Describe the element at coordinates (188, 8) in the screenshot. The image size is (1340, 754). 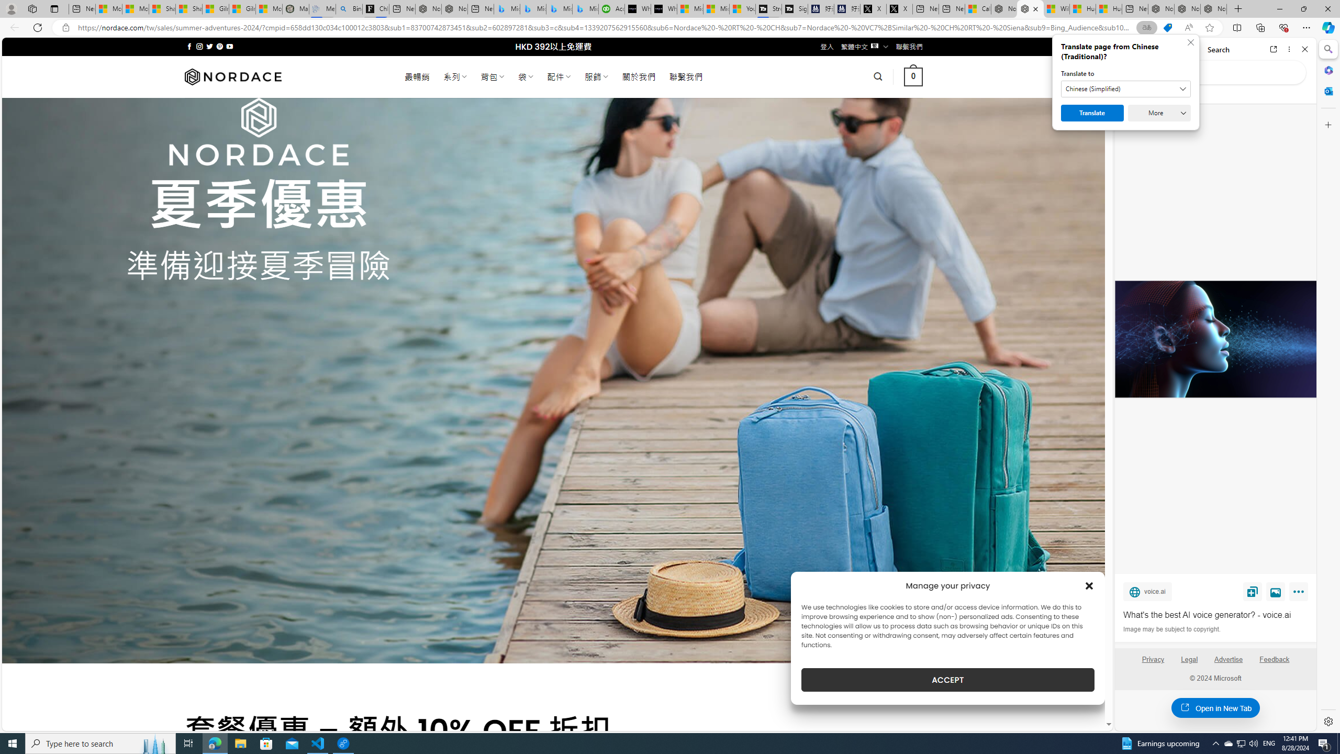
I see `'Shanghai, China weather forecast | Microsoft Weather'` at that location.